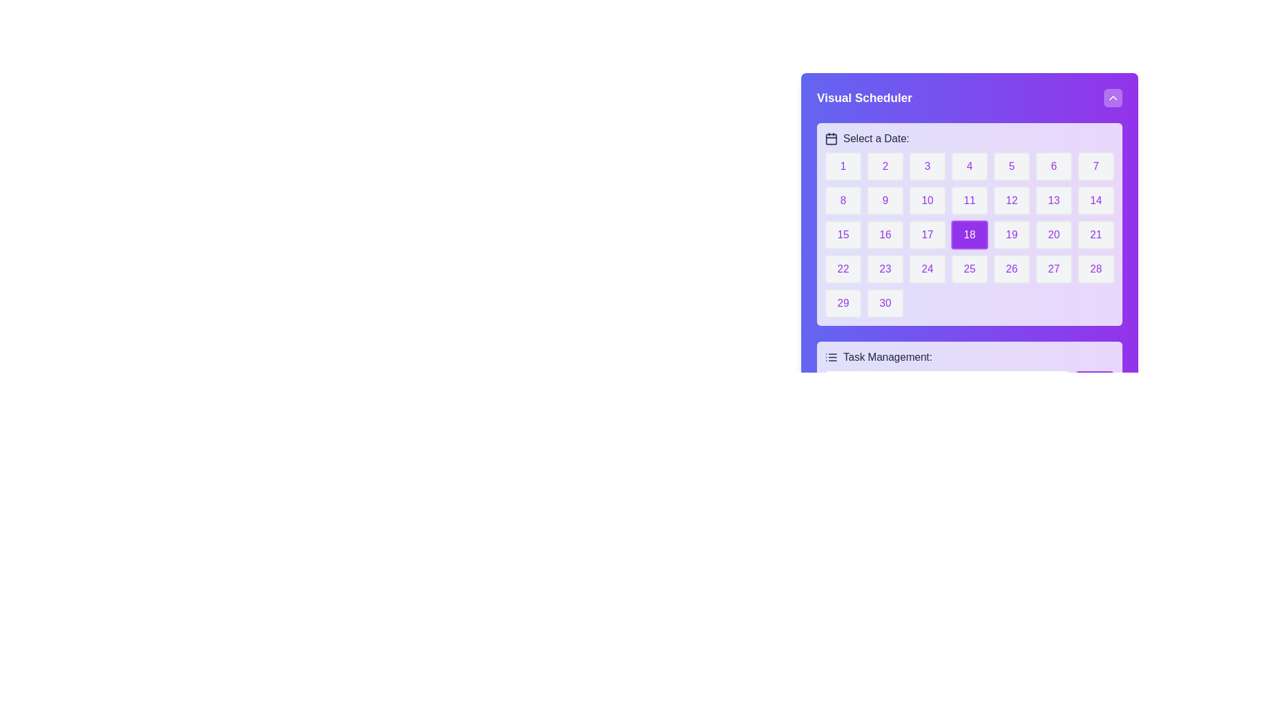  What do you see at coordinates (830, 357) in the screenshot?
I see `the task management icon located in the purple section at the bottom of the interface, which is aligned to the left of the text label 'Task Management:'` at bounding box center [830, 357].